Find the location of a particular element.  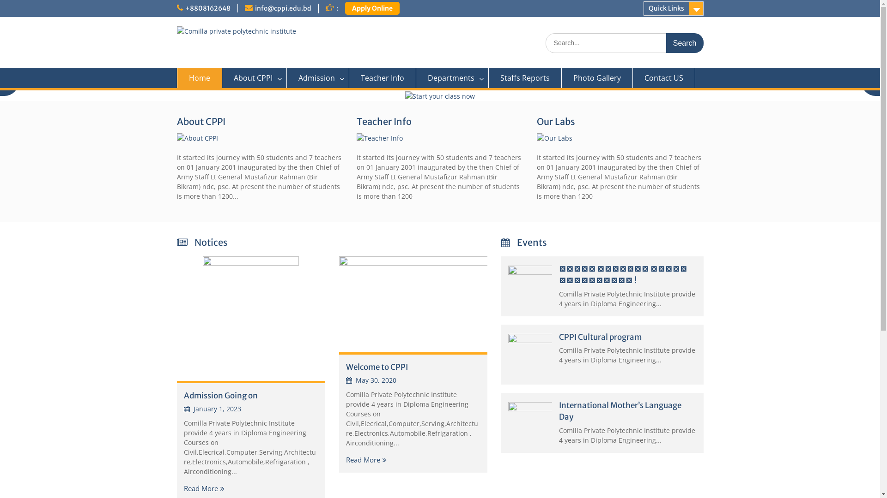

'+8808162648' is located at coordinates (207, 8).